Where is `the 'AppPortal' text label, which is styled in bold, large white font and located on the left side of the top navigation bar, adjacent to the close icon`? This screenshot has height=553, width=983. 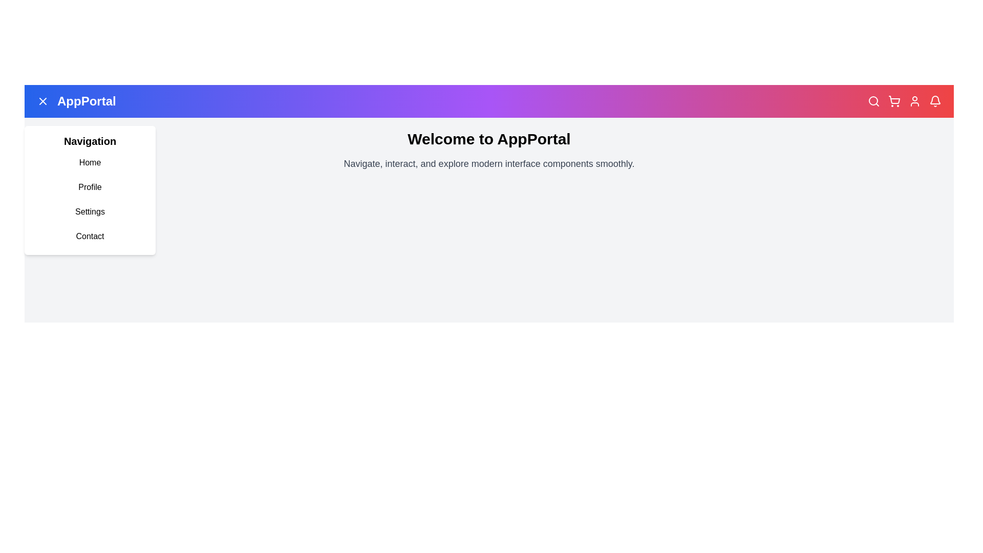
the 'AppPortal' text label, which is styled in bold, large white font and located on the left side of the top navigation bar, adjacent to the close icon is located at coordinates (87, 101).